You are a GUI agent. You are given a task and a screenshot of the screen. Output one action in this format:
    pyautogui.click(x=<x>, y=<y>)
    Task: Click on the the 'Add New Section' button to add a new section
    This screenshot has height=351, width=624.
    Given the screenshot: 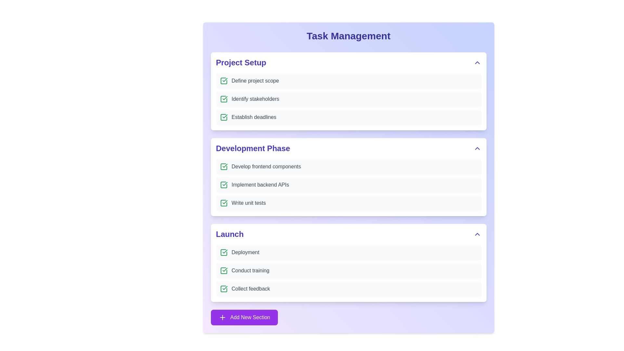 What is the action you would take?
    pyautogui.click(x=244, y=317)
    